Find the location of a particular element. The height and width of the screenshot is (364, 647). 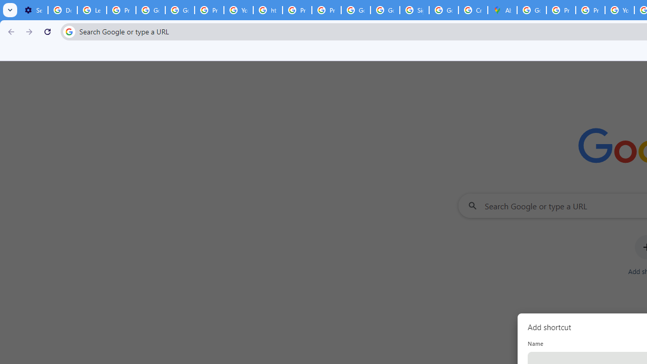

'Create your Google Account' is located at coordinates (473, 10).